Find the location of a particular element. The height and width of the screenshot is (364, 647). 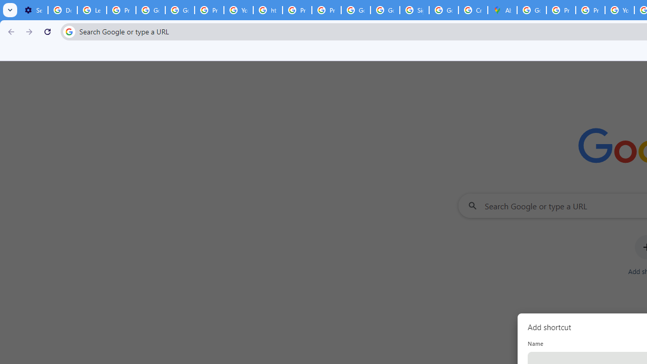

'Create your Google Account' is located at coordinates (473, 10).